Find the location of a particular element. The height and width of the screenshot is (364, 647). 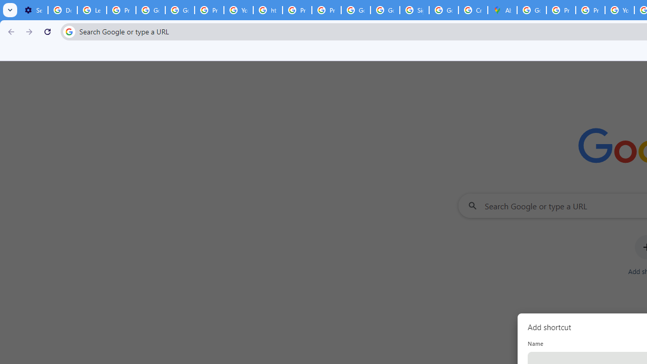

'Create your Google Account' is located at coordinates (473, 10).